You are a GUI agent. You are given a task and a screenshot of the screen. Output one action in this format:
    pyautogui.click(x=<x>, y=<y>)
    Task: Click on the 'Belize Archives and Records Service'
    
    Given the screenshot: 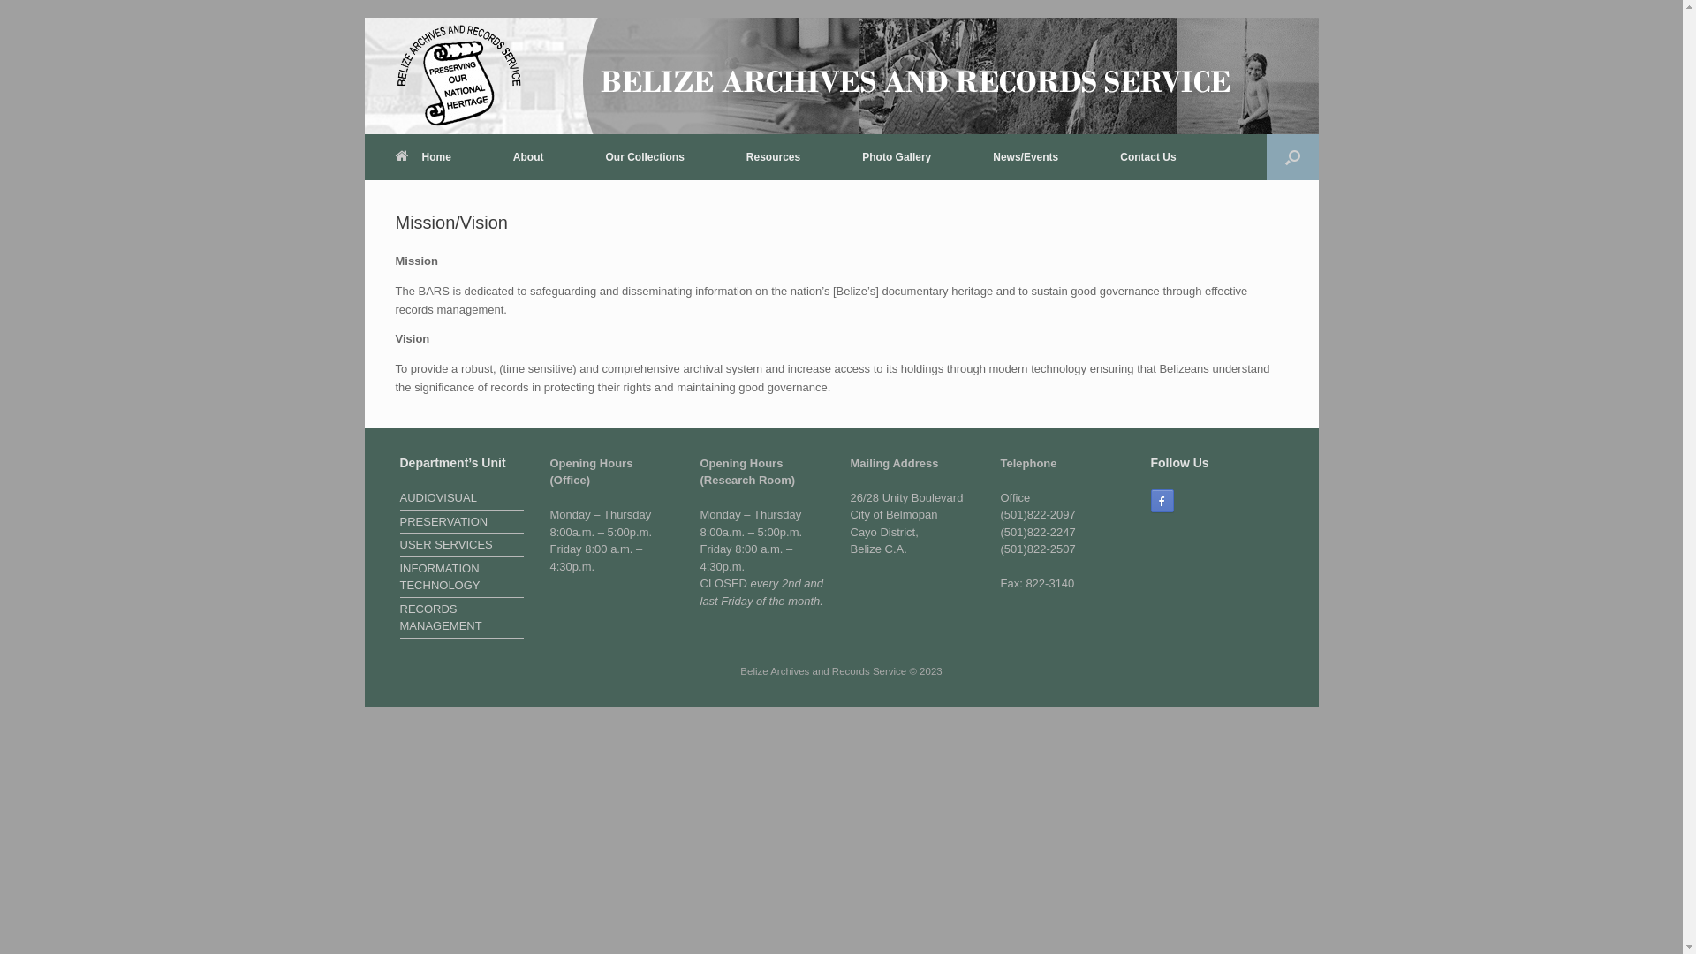 What is the action you would take?
    pyautogui.click(x=458, y=74)
    